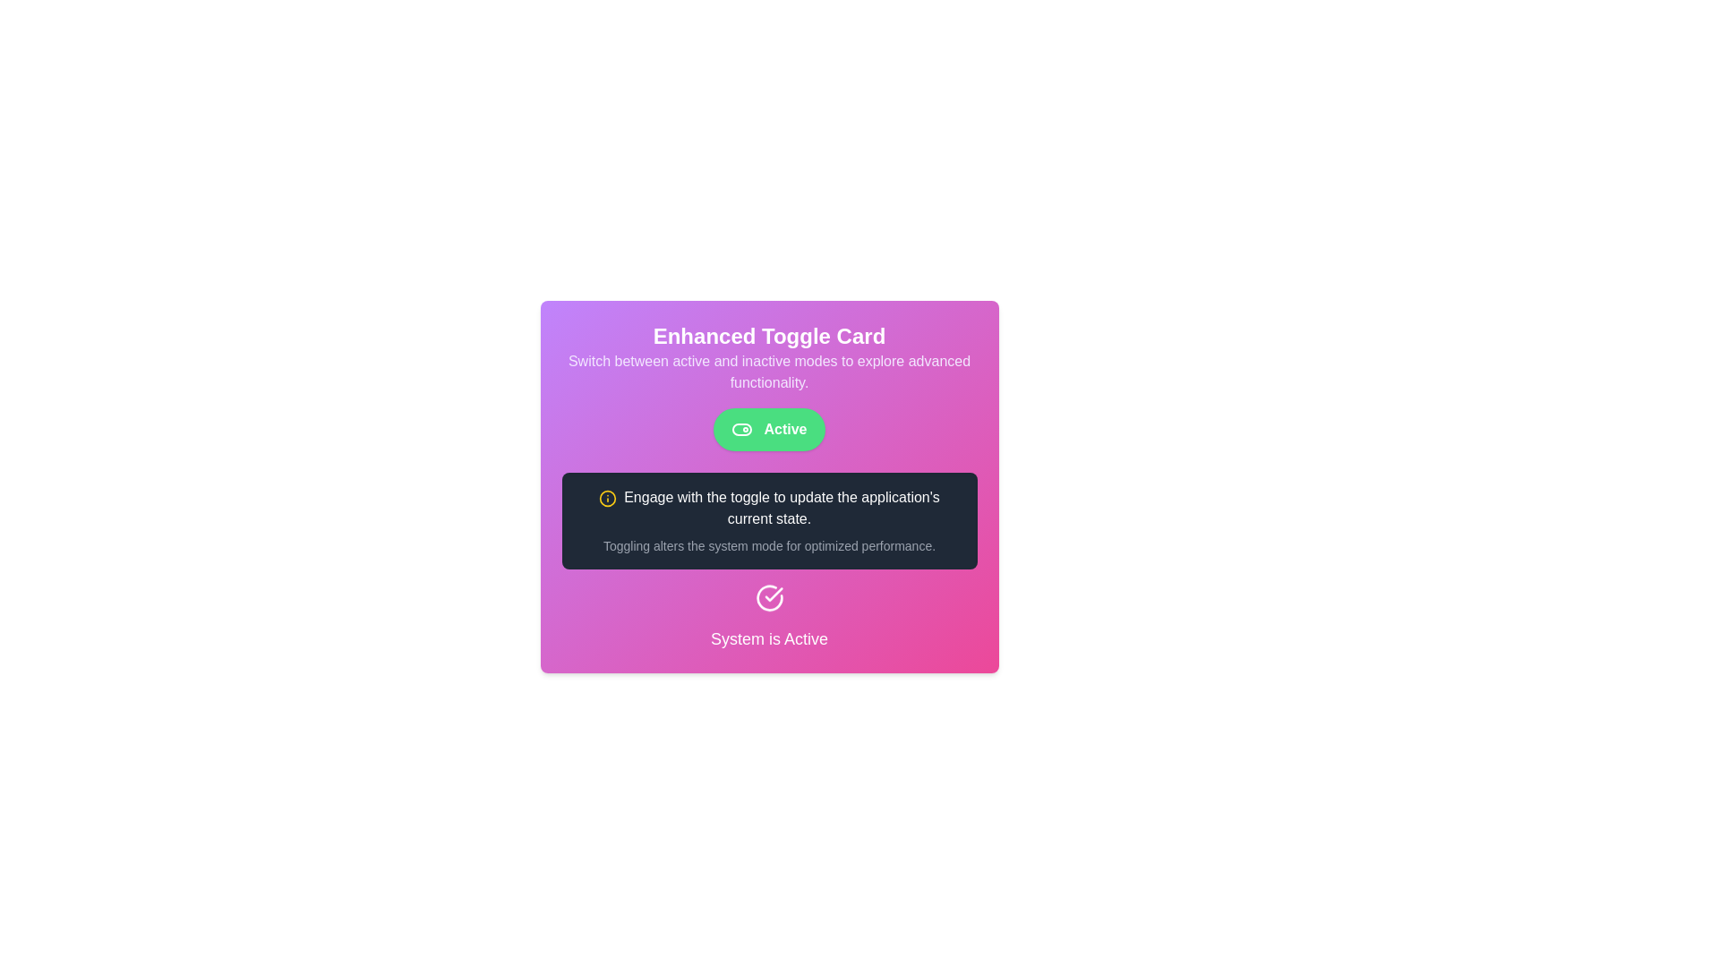 The image size is (1719, 967). Describe the element at coordinates (769, 638) in the screenshot. I see `the Static Text Label that provides a status update or confirmation, positioned below the animated checkmark icon in the vertically centered card UI` at that location.